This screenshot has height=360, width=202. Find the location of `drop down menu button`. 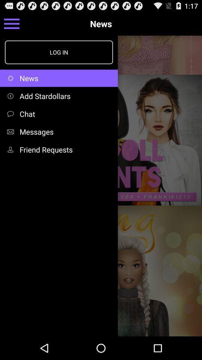

drop down menu button is located at coordinates (11, 23).